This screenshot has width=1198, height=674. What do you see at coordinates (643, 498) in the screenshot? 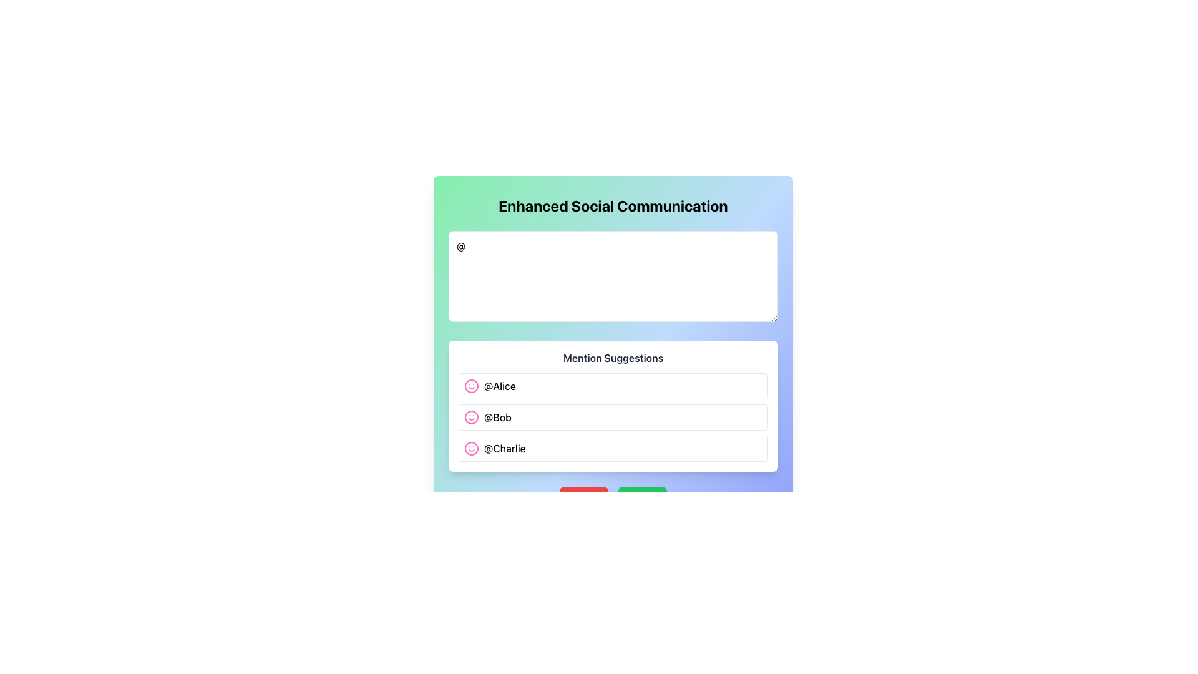
I see `the submit button located to the right of the red 'Clear' button` at bounding box center [643, 498].